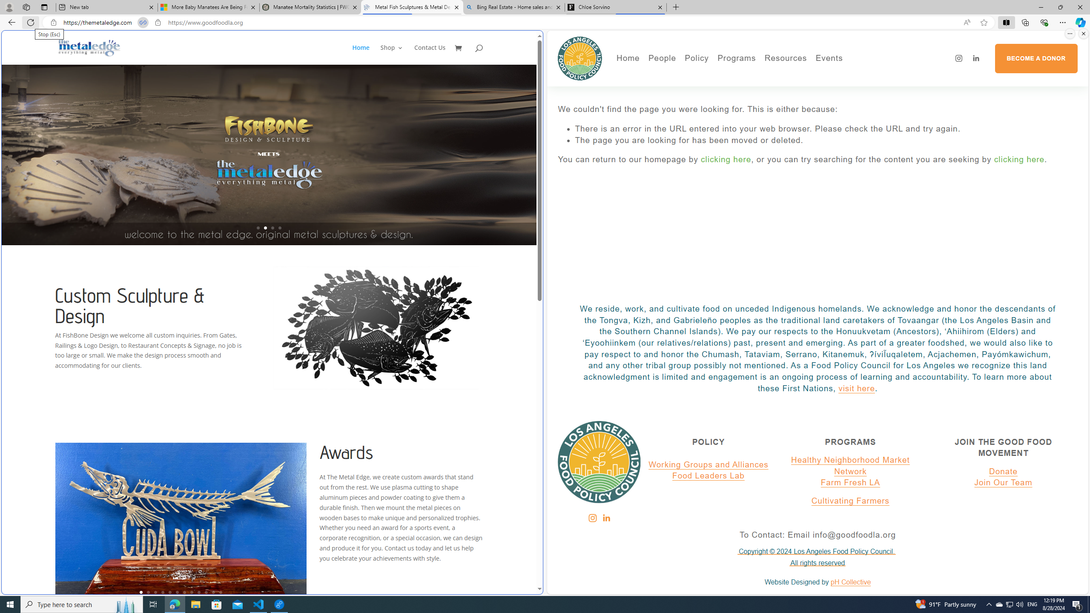 Image resolution: width=1090 pixels, height=613 pixels. What do you see at coordinates (1069, 33) in the screenshot?
I see `'More options.'` at bounding box center [1069, 33].